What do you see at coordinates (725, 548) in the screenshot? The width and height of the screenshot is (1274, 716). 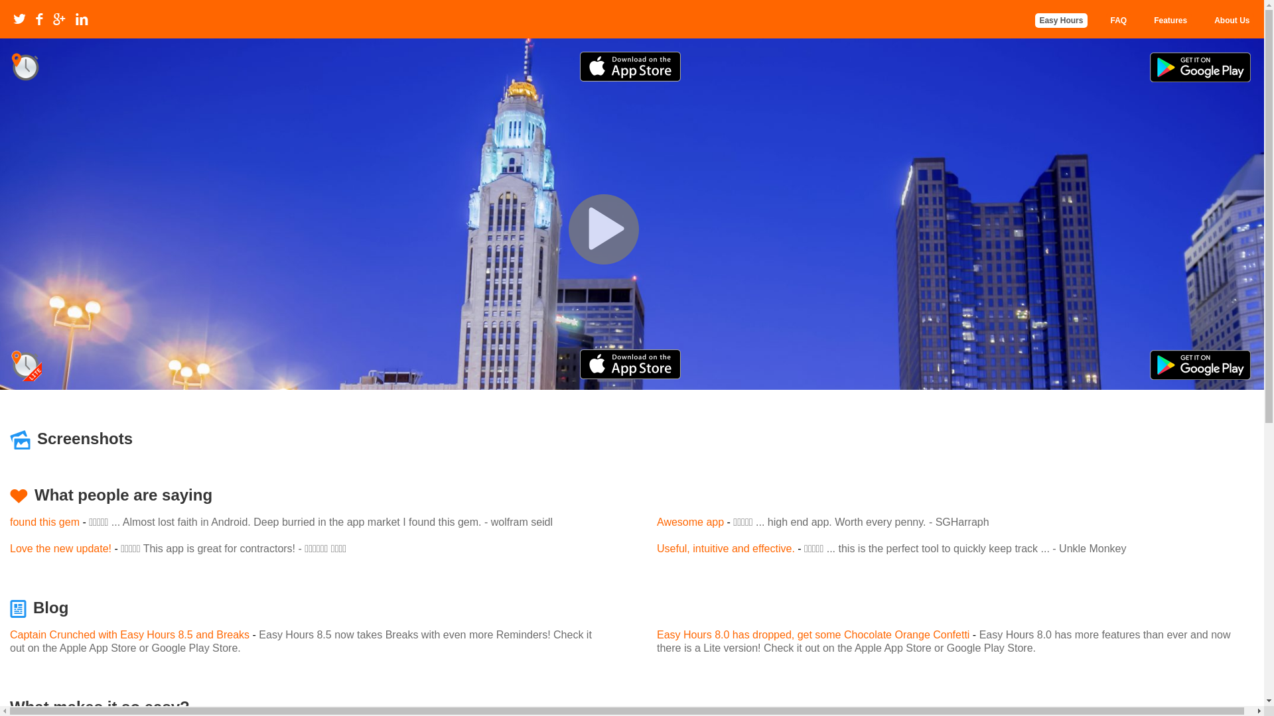 I see `'Useful, intuitive and effective.'` at bounding box center [725, 548].